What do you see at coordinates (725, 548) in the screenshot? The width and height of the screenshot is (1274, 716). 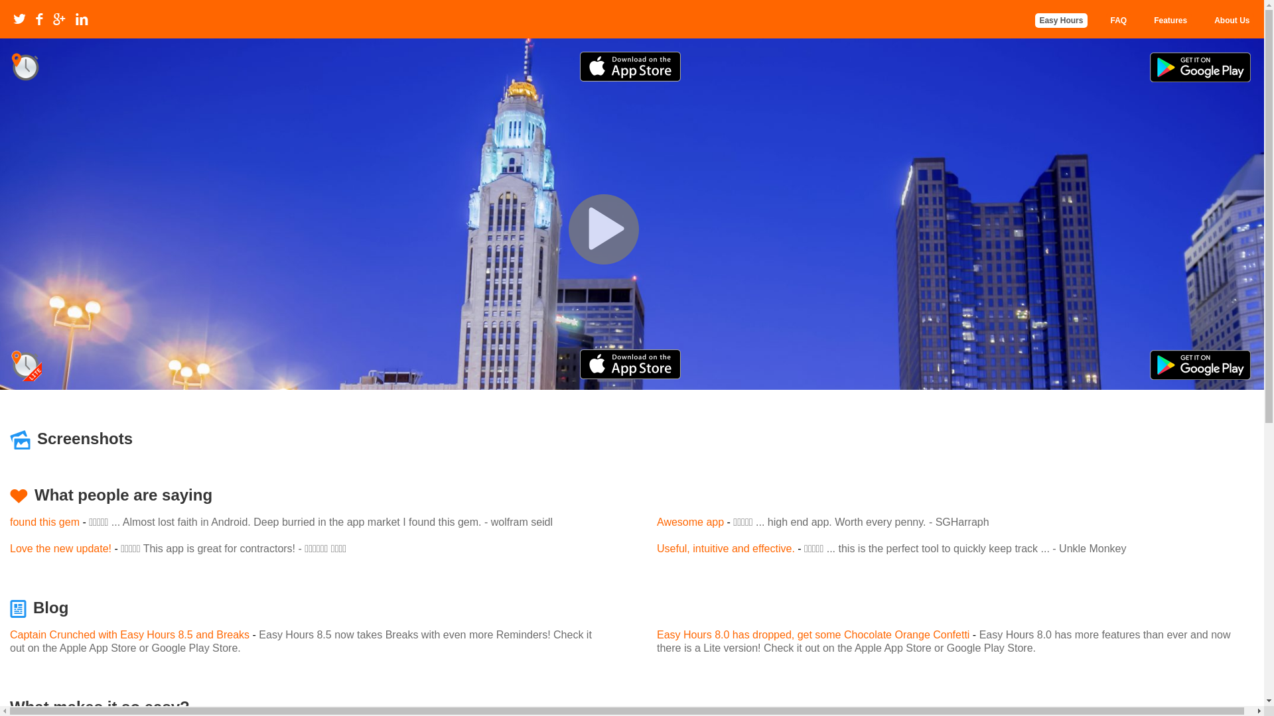 I see `'Useful, intuitive and effective.'` at bounding box center [725, 548].